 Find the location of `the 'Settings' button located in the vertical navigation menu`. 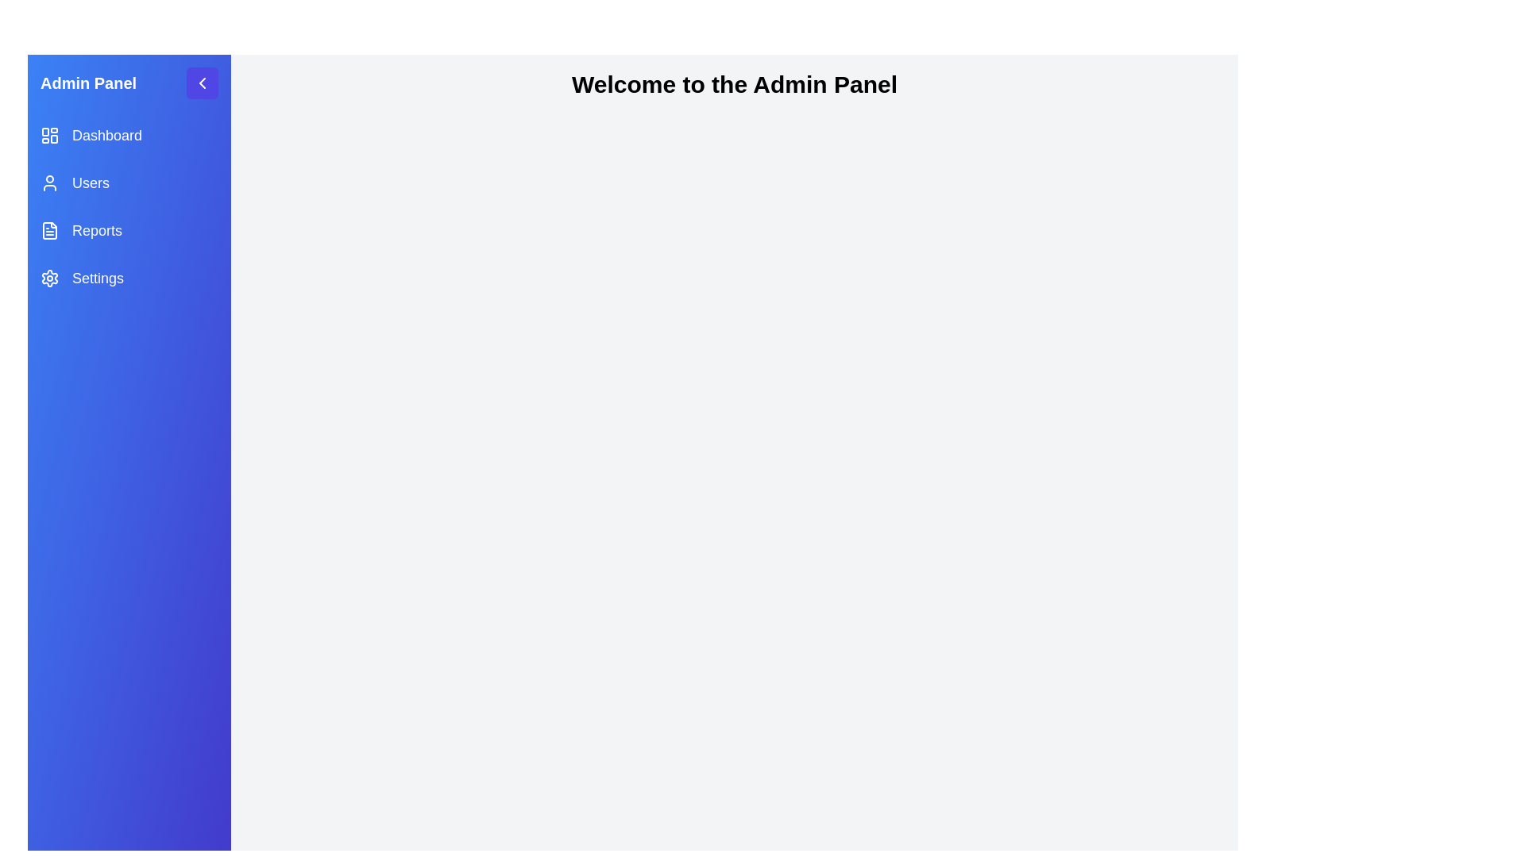

the 'Settings' button located in the vertical navigation menu is located at coordinates (81, 278).